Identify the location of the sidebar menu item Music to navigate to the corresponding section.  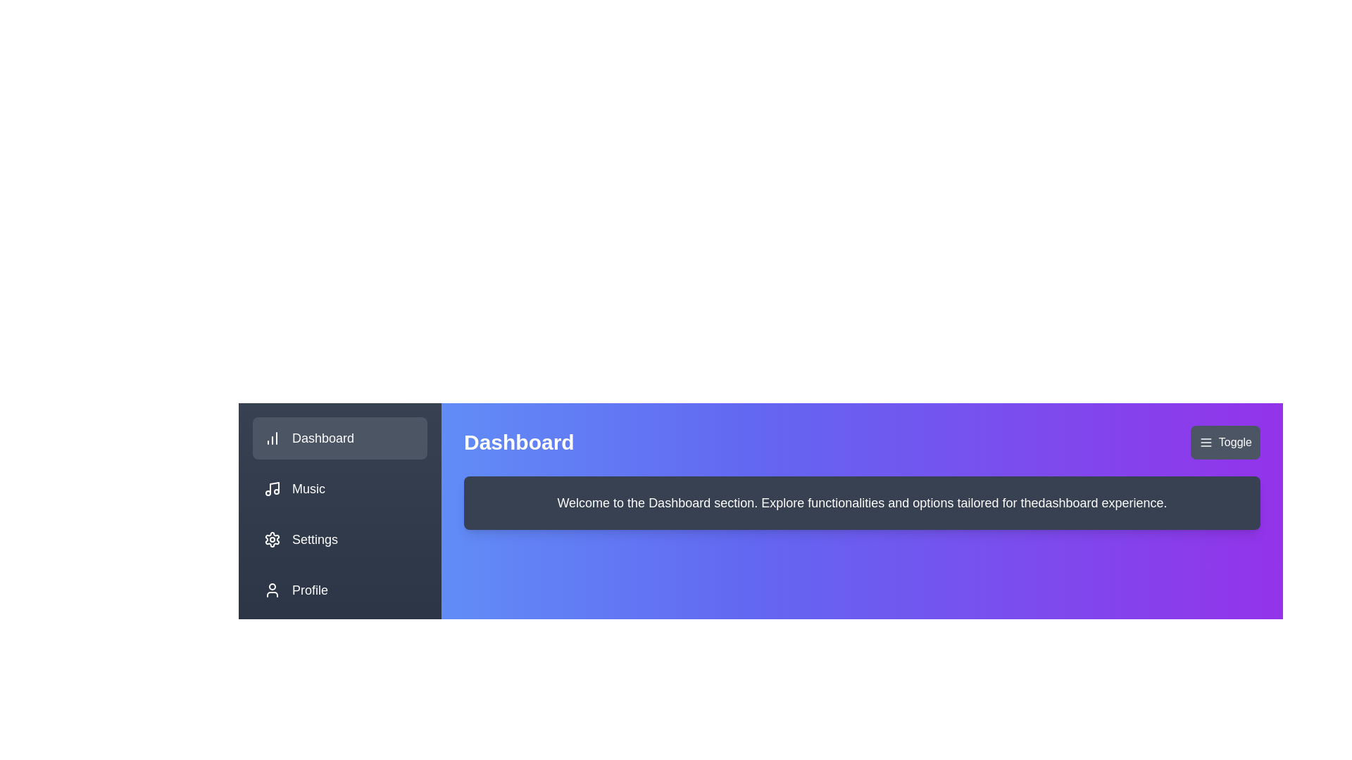
(340, 488).